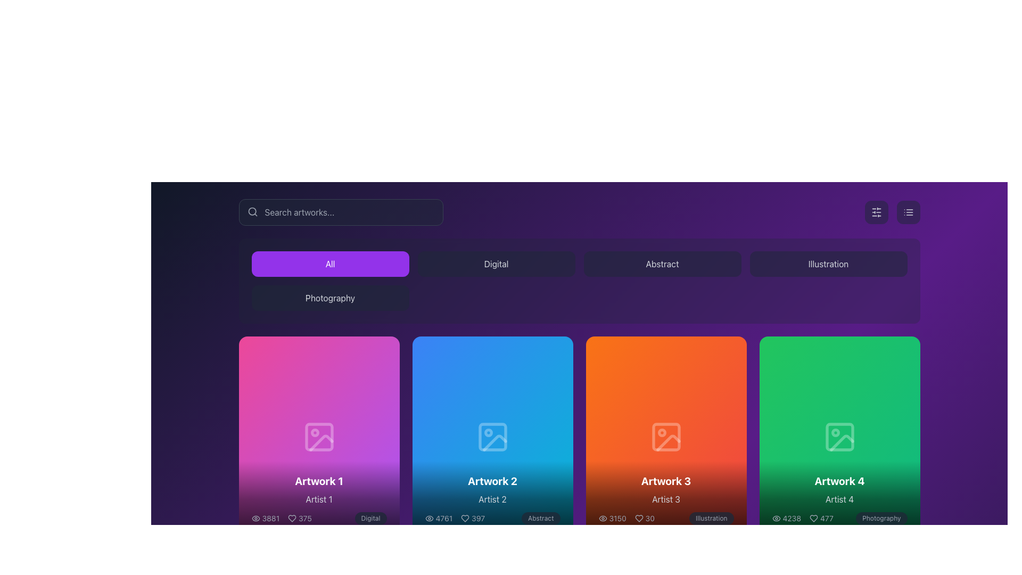 Image resolution: width=1022 pixels, height=575 pixels. I want to click on the SVG-based icon located within the green card titled 'Artwork 4' at the bottom right of the row, centered in the card's upper half, so click(839, 437).